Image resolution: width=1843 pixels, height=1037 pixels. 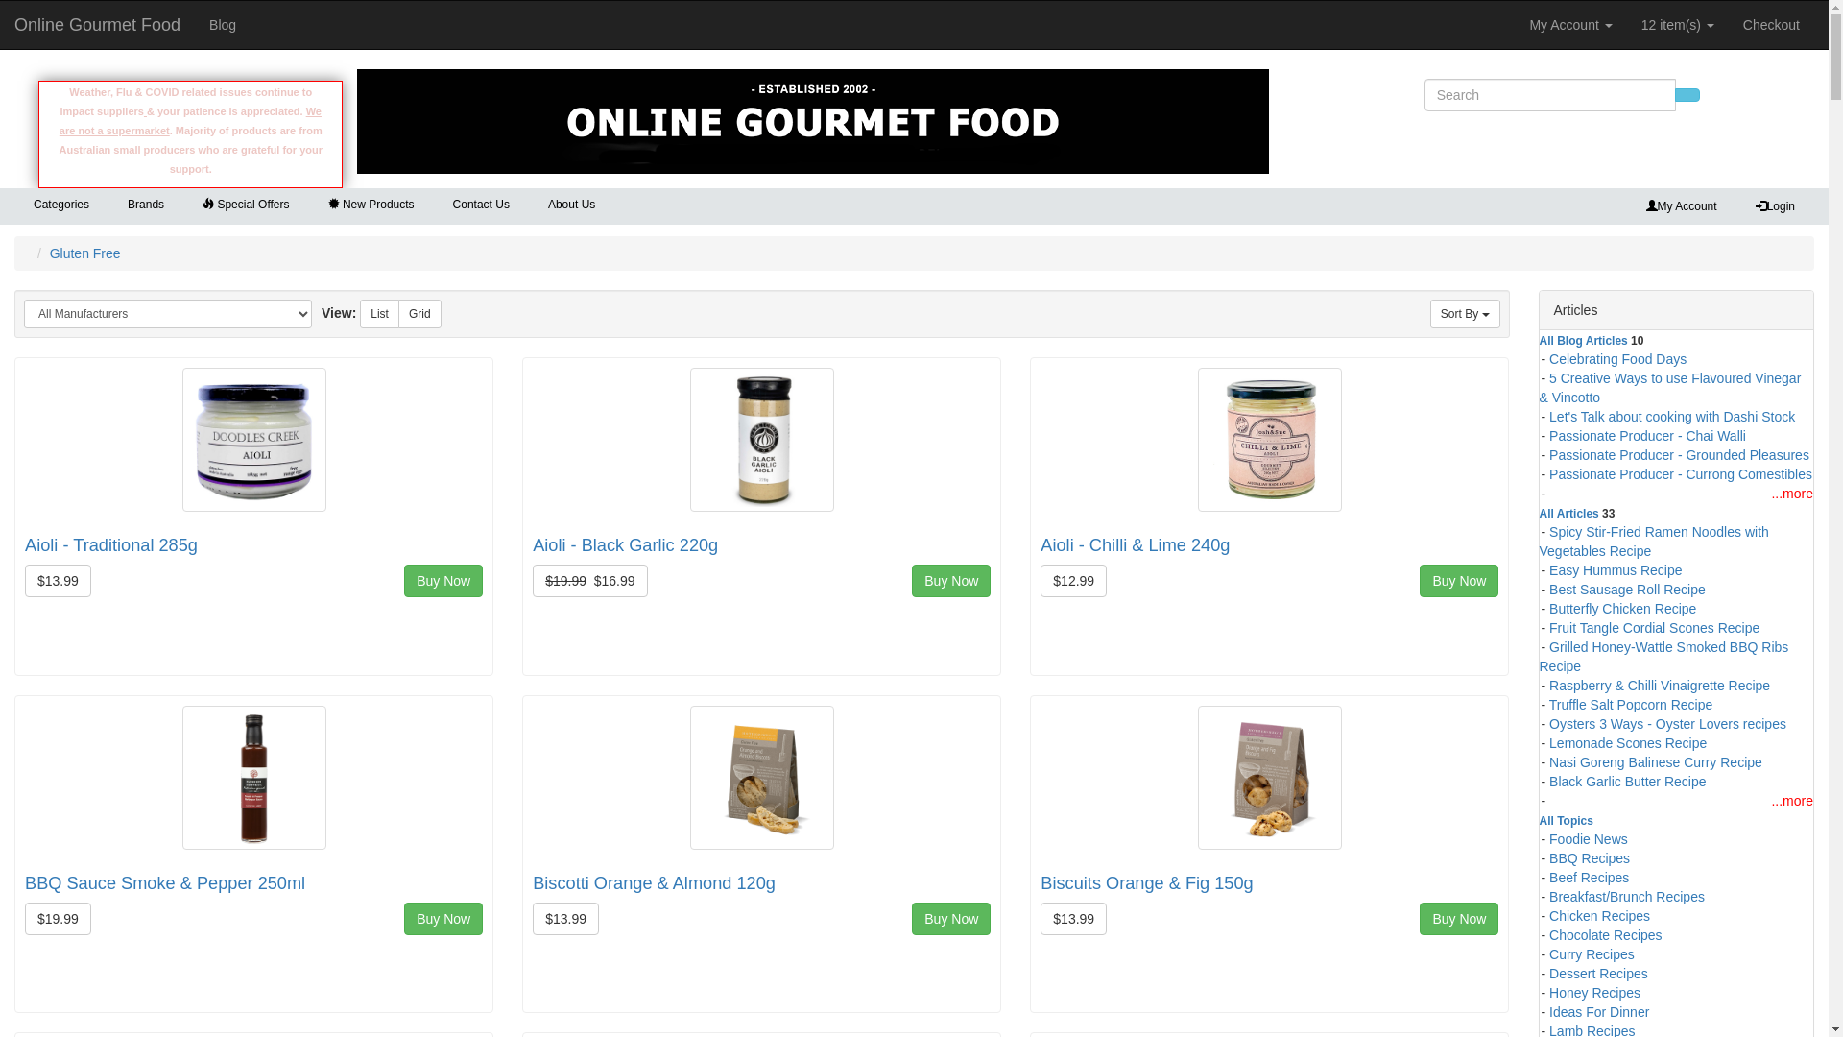 I want to click on 'Foodie News', so click(x=1589, y=835).